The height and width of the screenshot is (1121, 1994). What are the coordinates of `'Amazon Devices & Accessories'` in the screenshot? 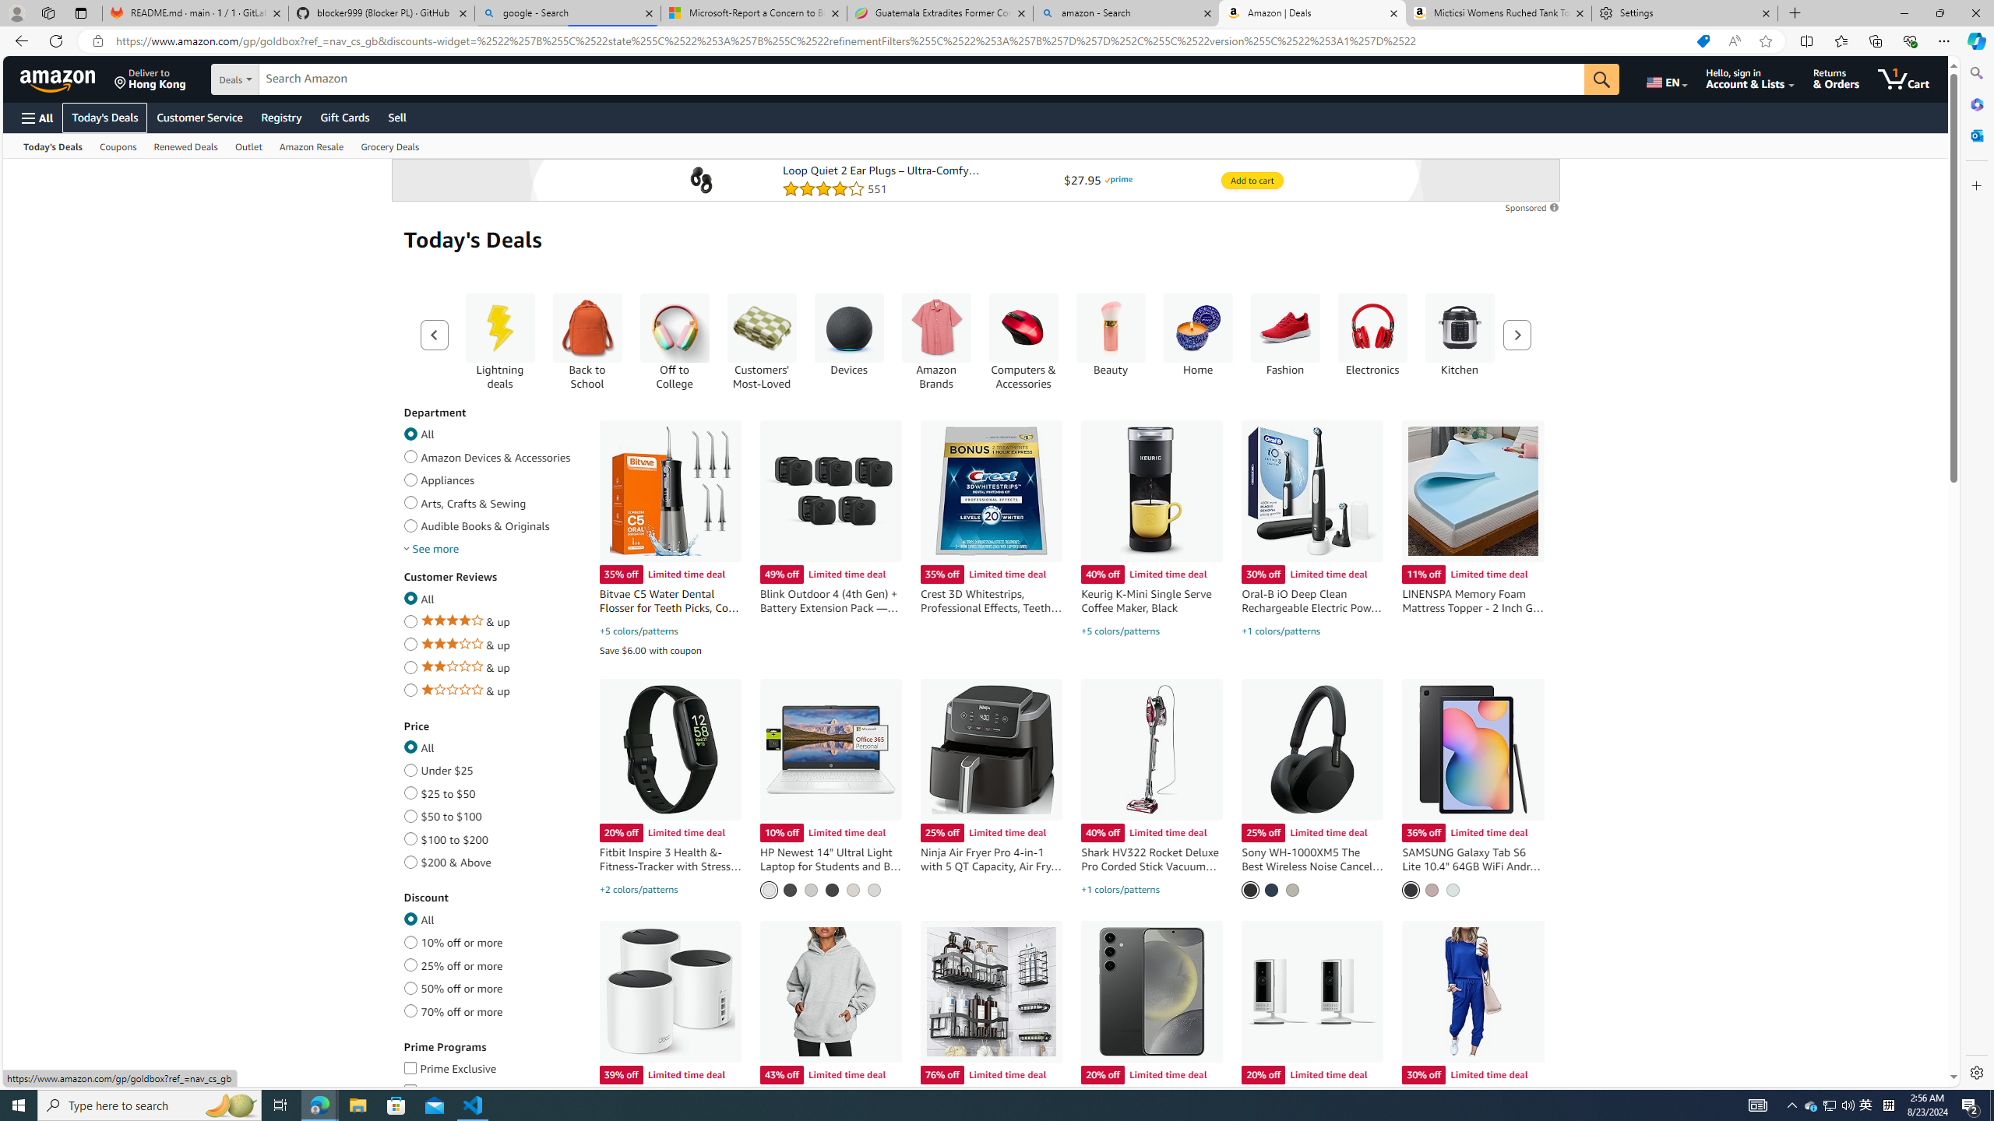 It's located at (409, 453).